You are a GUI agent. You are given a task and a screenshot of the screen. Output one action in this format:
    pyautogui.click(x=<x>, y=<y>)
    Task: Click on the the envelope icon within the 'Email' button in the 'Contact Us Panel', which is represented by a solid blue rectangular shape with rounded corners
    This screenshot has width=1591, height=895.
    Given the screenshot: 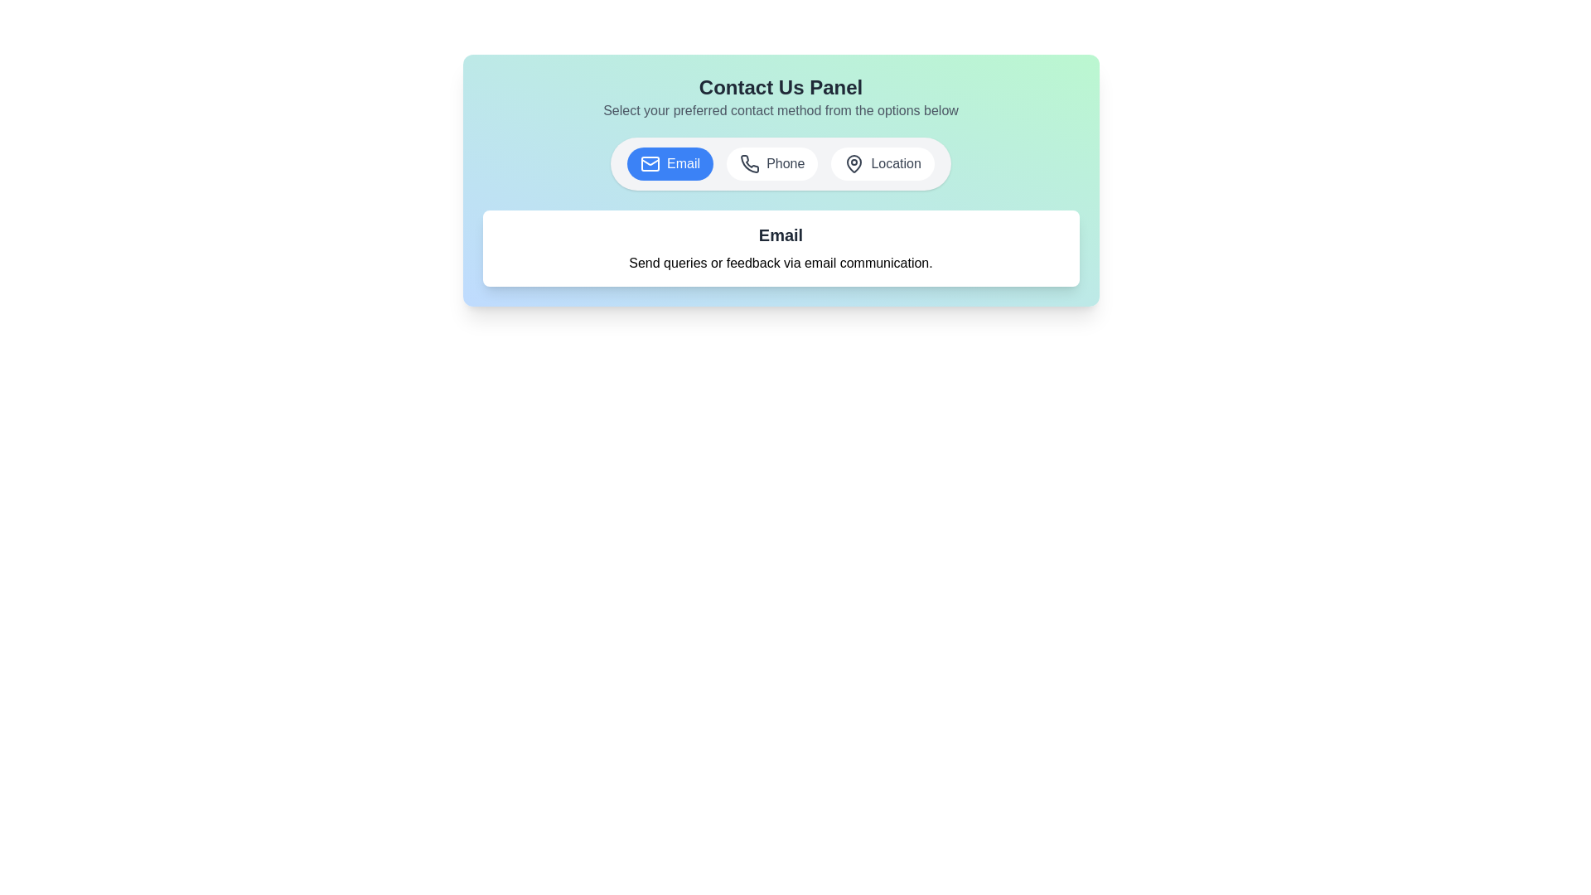 What is the action you would take?
    pyautogui.click(x=650, y=163)
    